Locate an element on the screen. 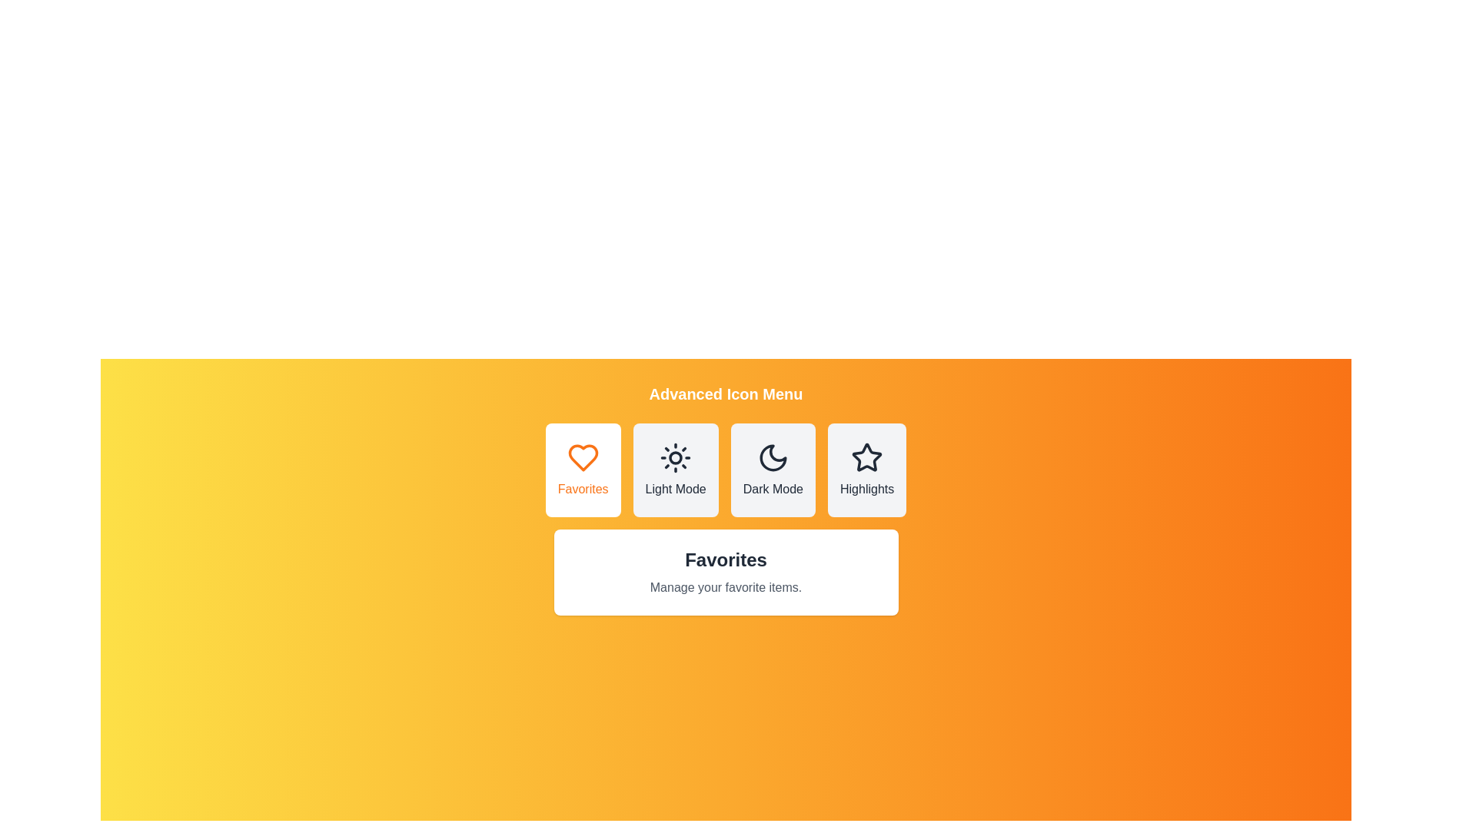  the 'Dark Mode' button located centrally beneath the 'Advanced Icon Menu' heading to switch the interface mode is located at coordinates (725, 470).